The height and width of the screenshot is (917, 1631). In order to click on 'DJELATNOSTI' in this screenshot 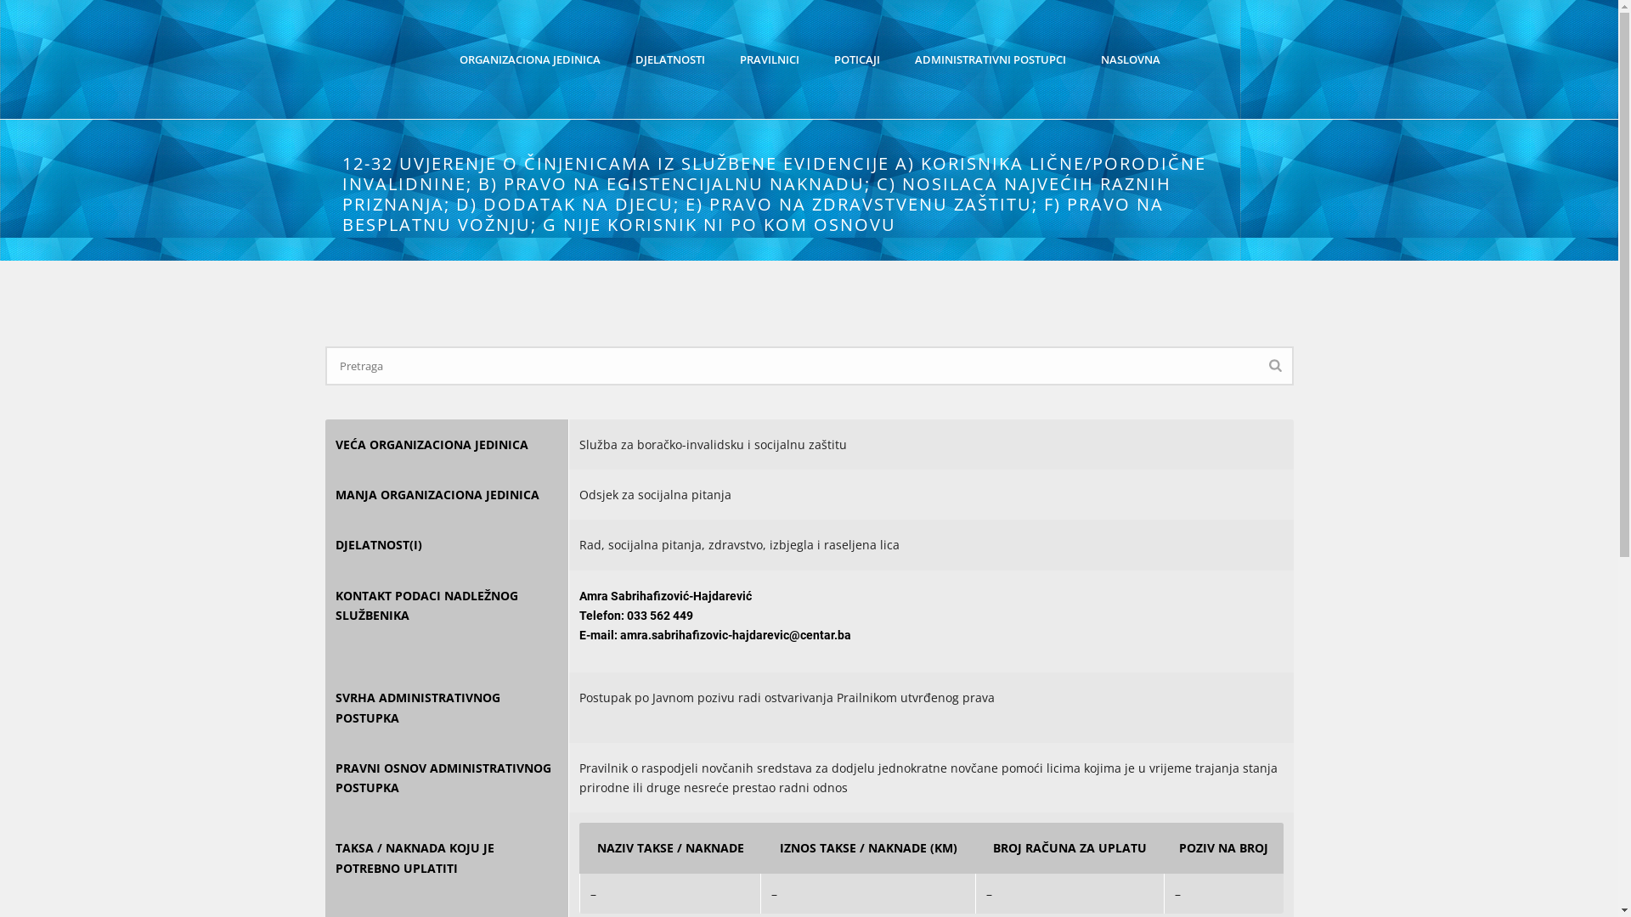, I will do `click(669, 58)`.